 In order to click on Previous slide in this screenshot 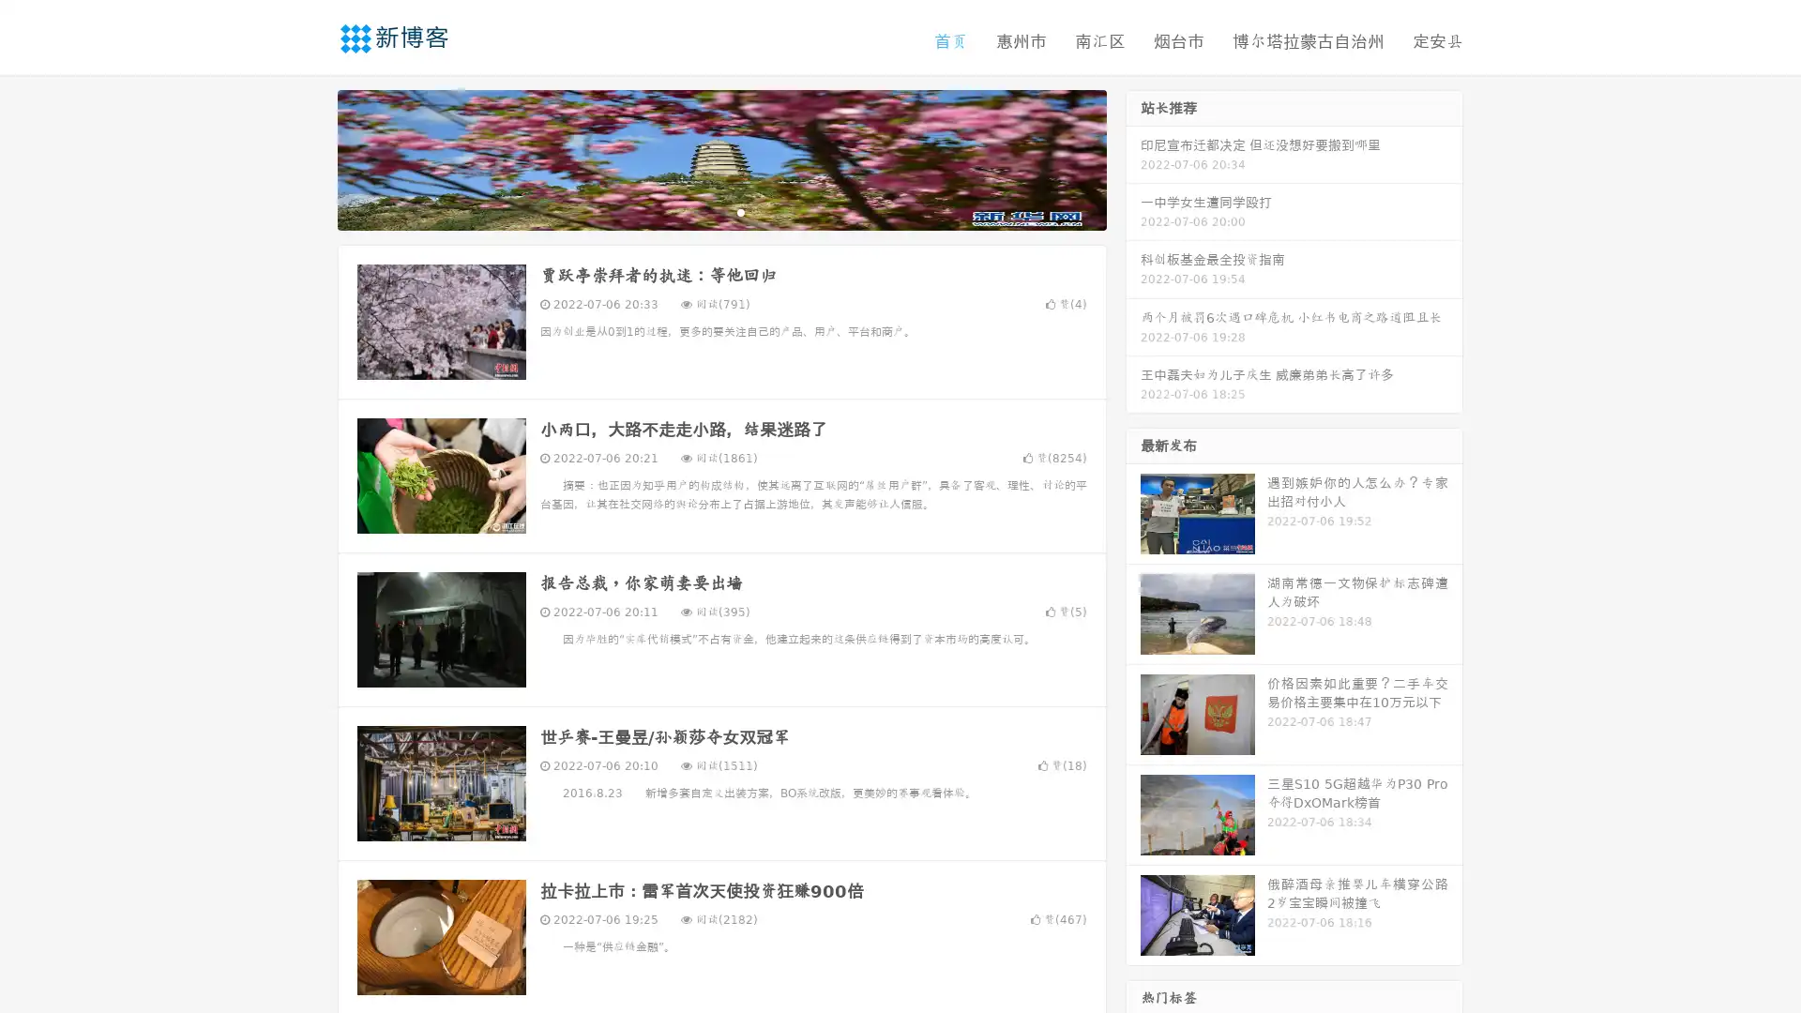, I will do `click(310, 158)`.